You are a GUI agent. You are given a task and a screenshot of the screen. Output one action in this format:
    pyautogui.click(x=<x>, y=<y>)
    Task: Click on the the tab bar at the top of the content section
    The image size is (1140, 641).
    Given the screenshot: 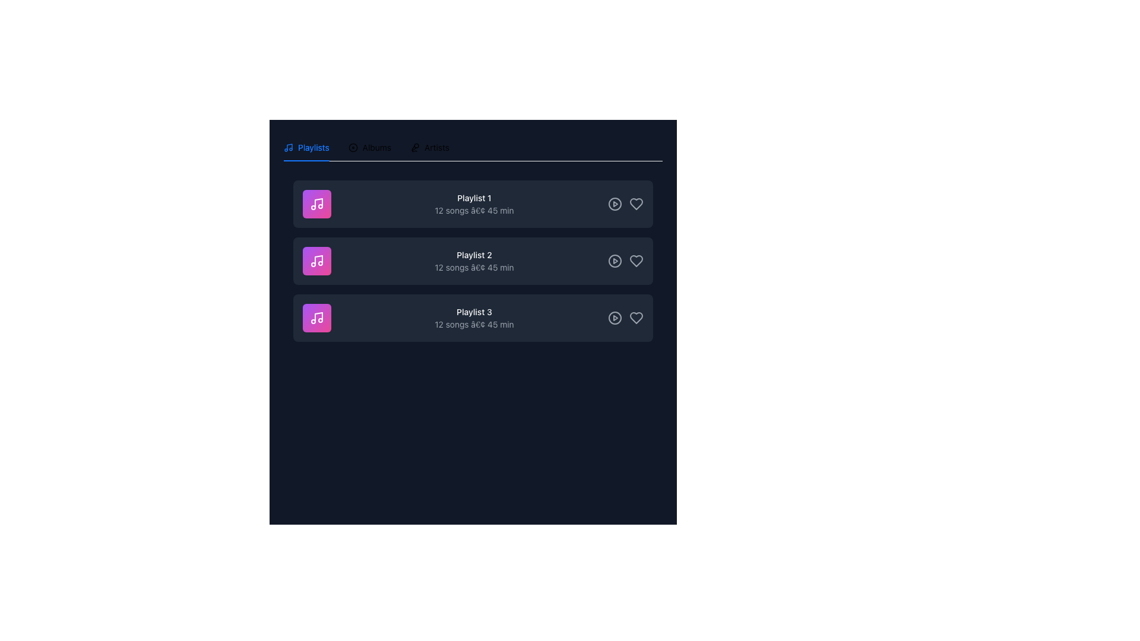 What is the action you would take?
    pyautogui.click(x=472, y=147)
    